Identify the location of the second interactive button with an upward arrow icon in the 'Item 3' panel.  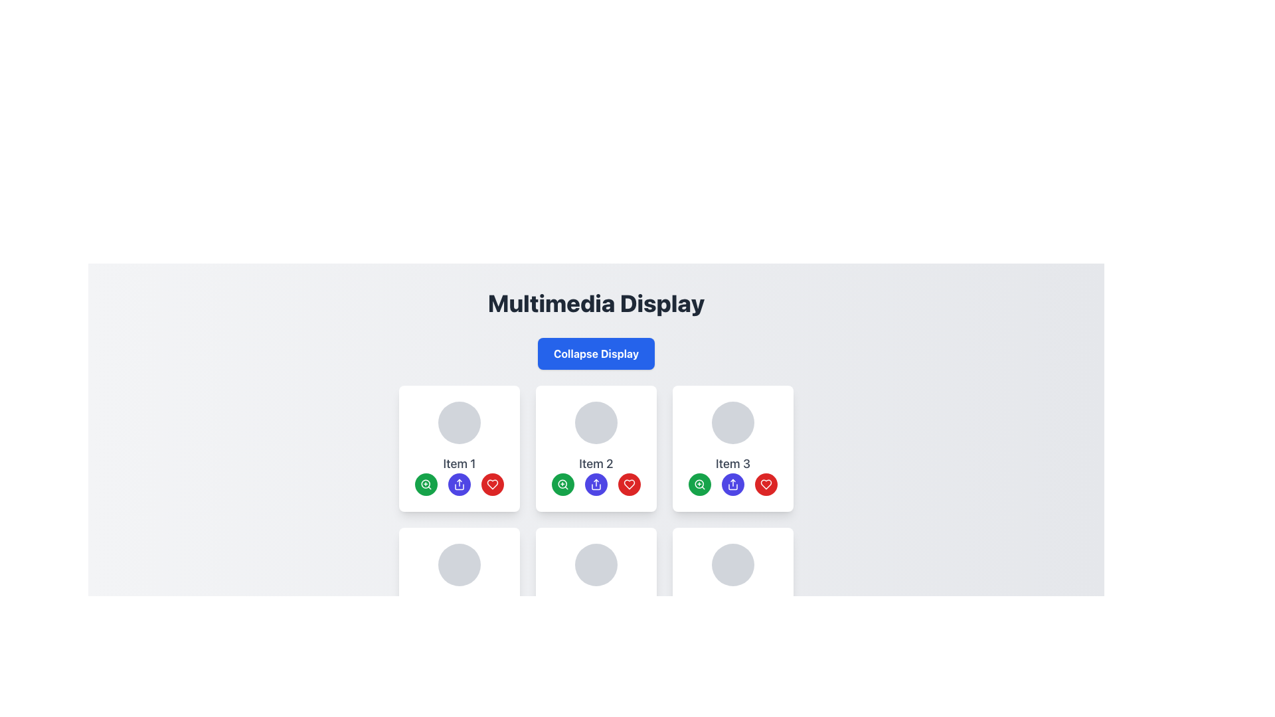
(732, 484).